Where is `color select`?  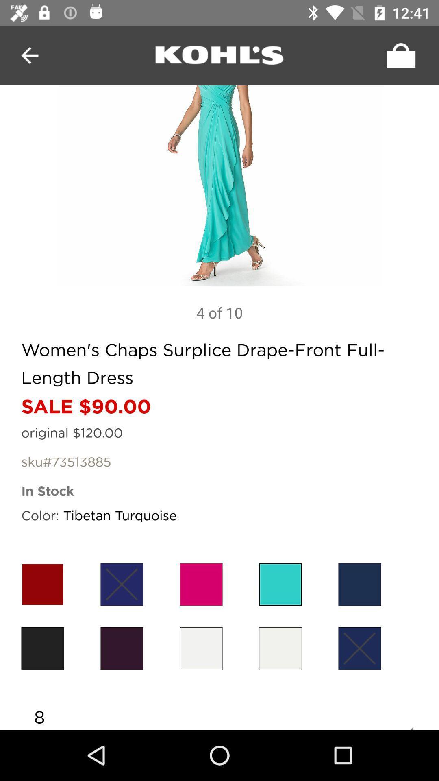 color select is located at coordinates (359, 648).